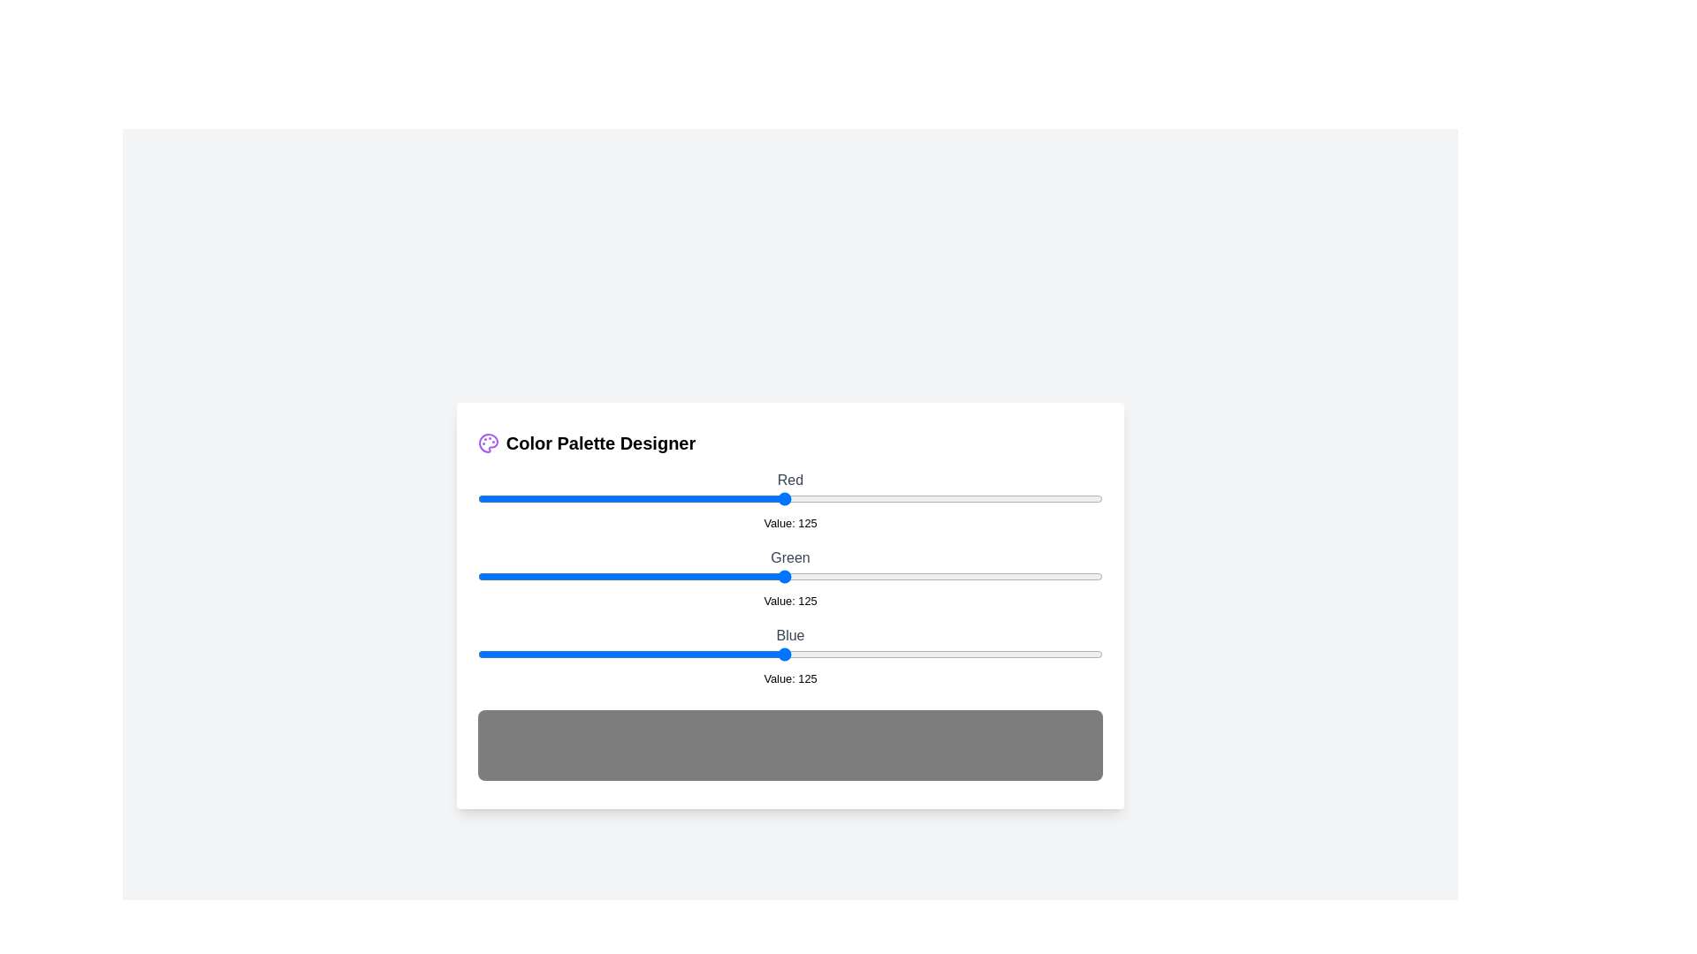 The image size is (1697, 954). I want to click on the 1 slider to 129 to observe the updated color preview, so click(793, 576).